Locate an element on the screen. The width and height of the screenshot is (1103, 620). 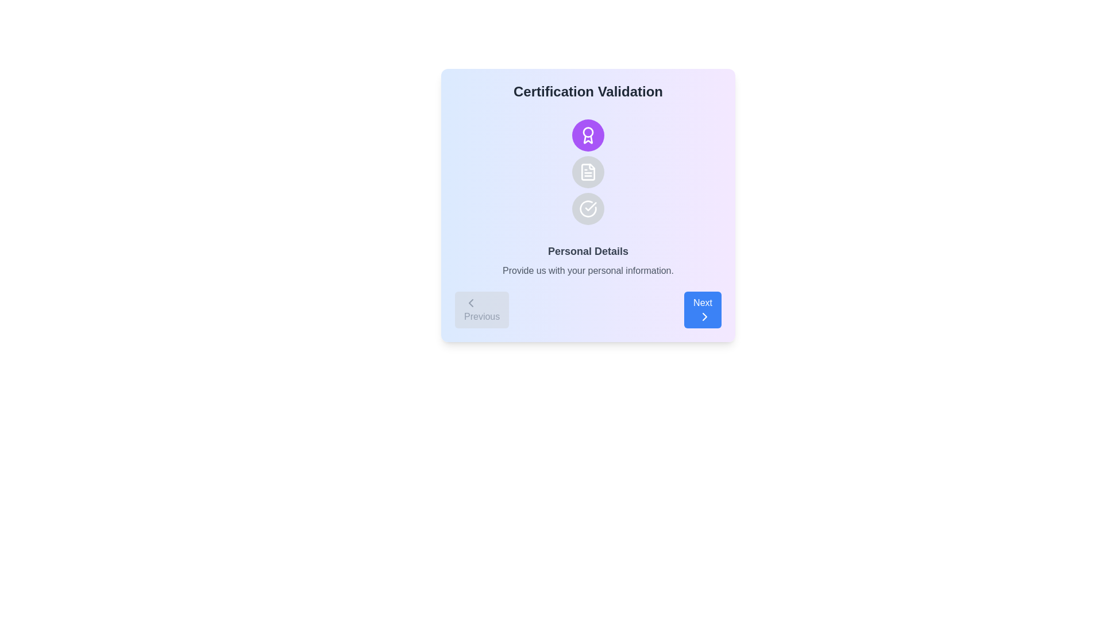
the chevron icon located at the left side of the 'Previous' button in the bottom-left corner of the card interface is located at coordinates (471, 303).